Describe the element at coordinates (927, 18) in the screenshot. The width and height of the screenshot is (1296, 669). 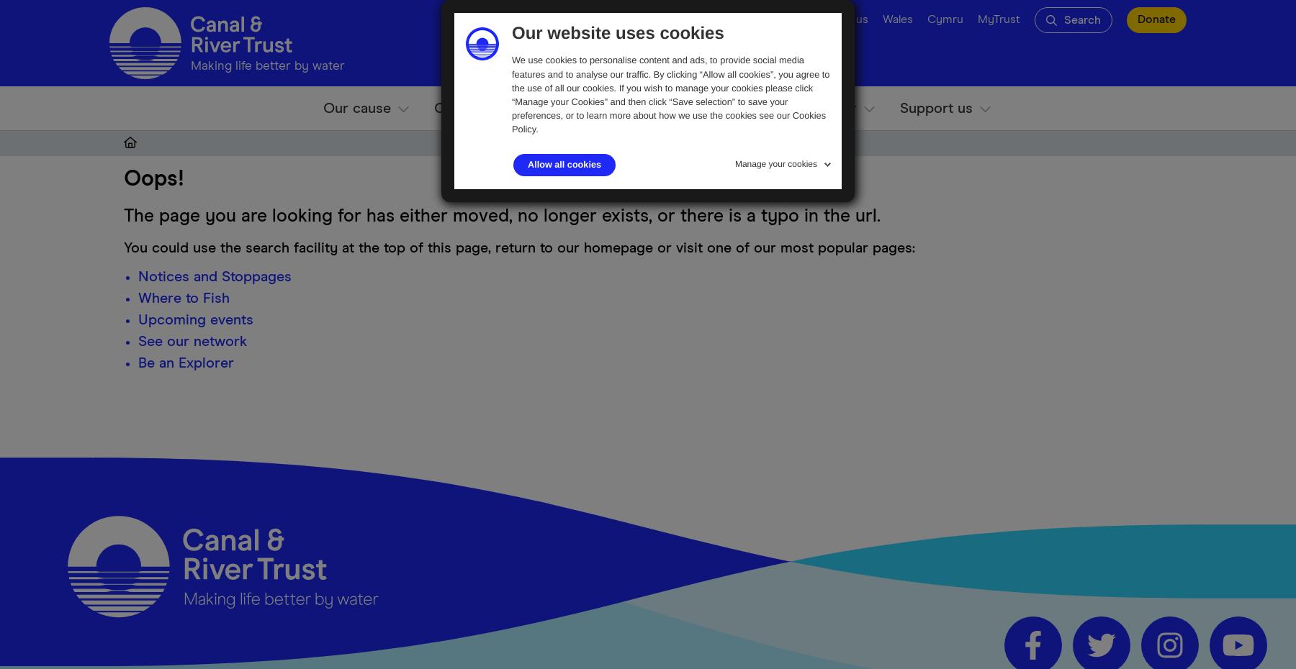
I see `'Cymru'` at that location.